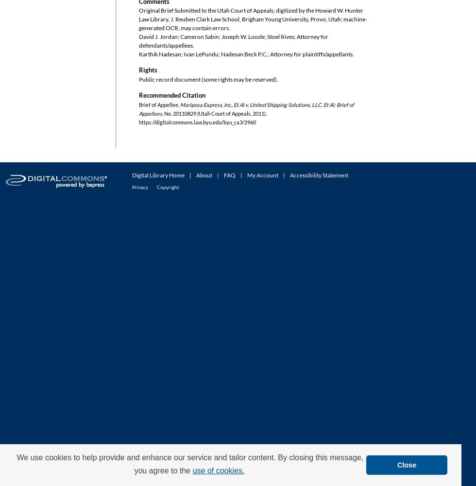 The width and height of the screenshot is (476, 486). I want to click on 'Recommended Citation', so click(138, 95).